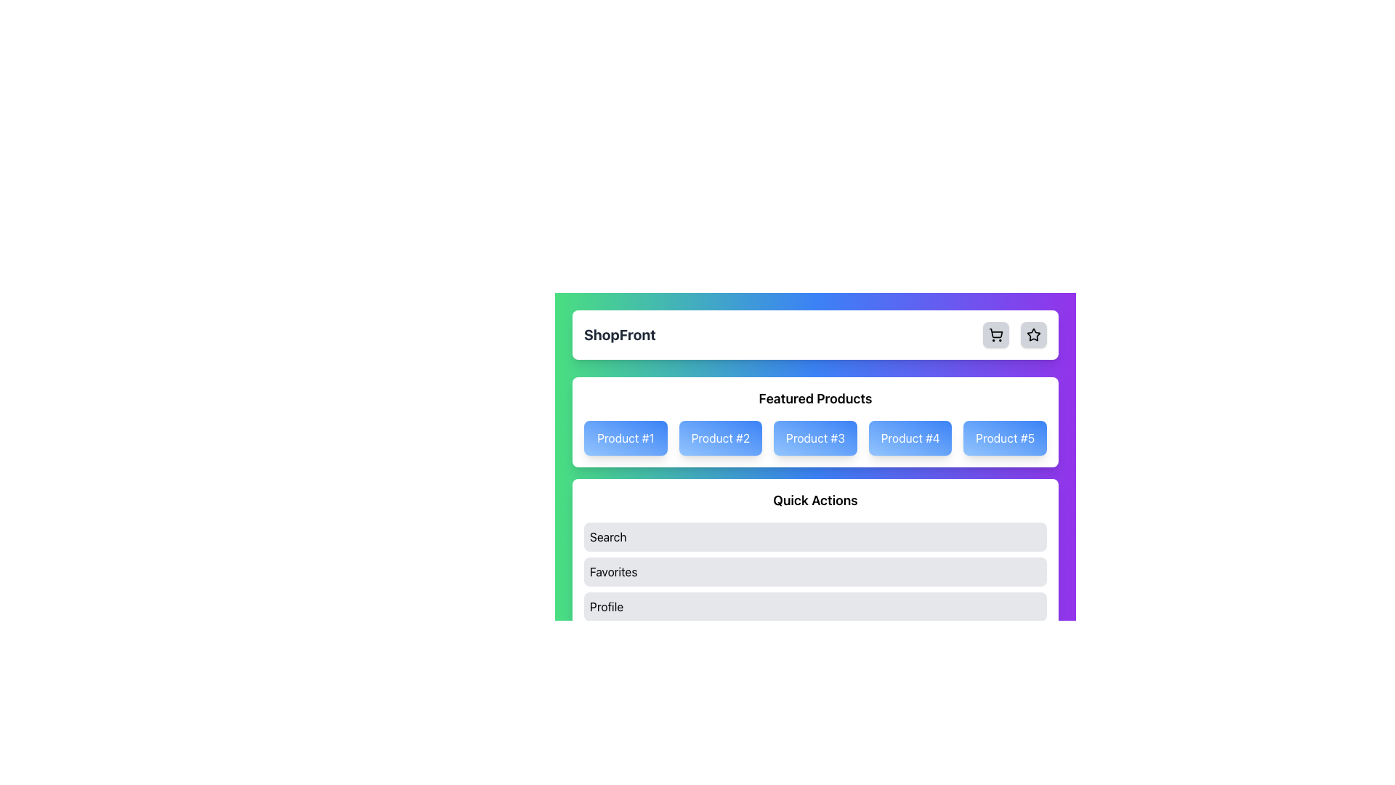 Image resolution: width=1395 pixels, height=785 pixels. I want to click on the star-shaped icon with a hollow outline in black, located at the top-right corner of the interface, next to the shopping cart icon, so click(1032, 334).